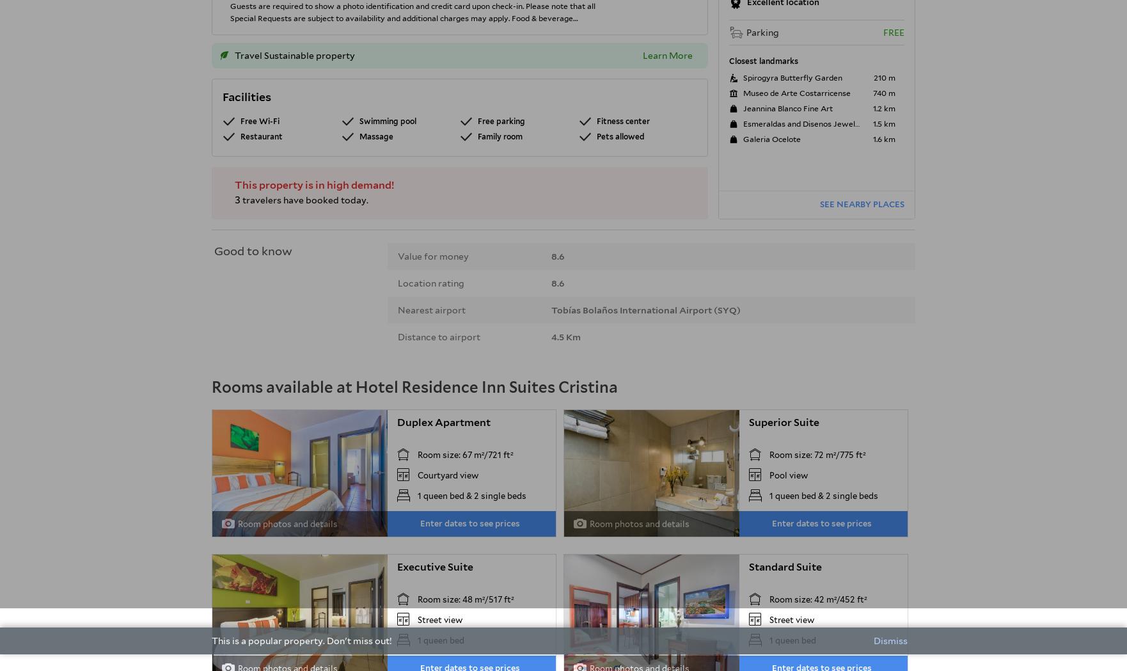 Image resolution: width=1127 pixels, height=671 pixels. I want to click on 'Travel Sustainable property', so click(294, 54).